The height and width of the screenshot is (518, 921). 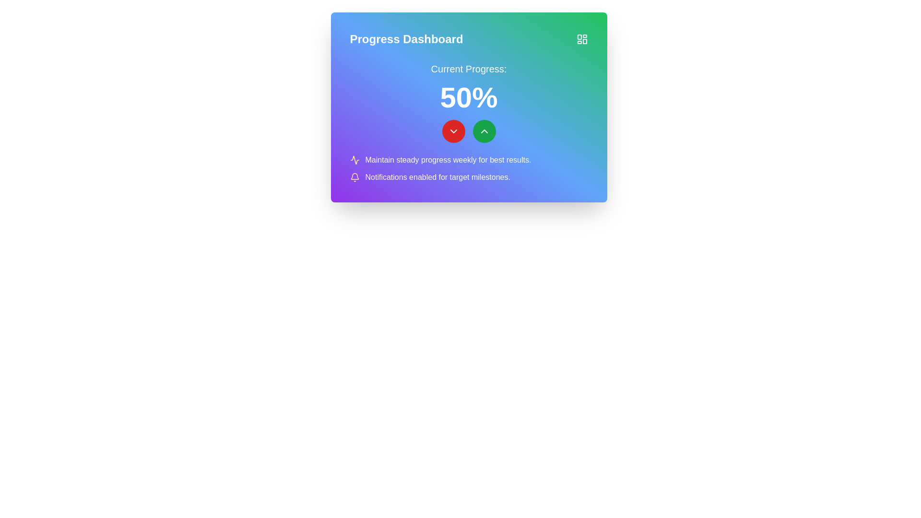 What do you see at coordinates (469, 131) in the screenshot?
I see `the green button in the button group located below the '50%' text in the 'Current Progress' section` at bounding box center [469, 131].